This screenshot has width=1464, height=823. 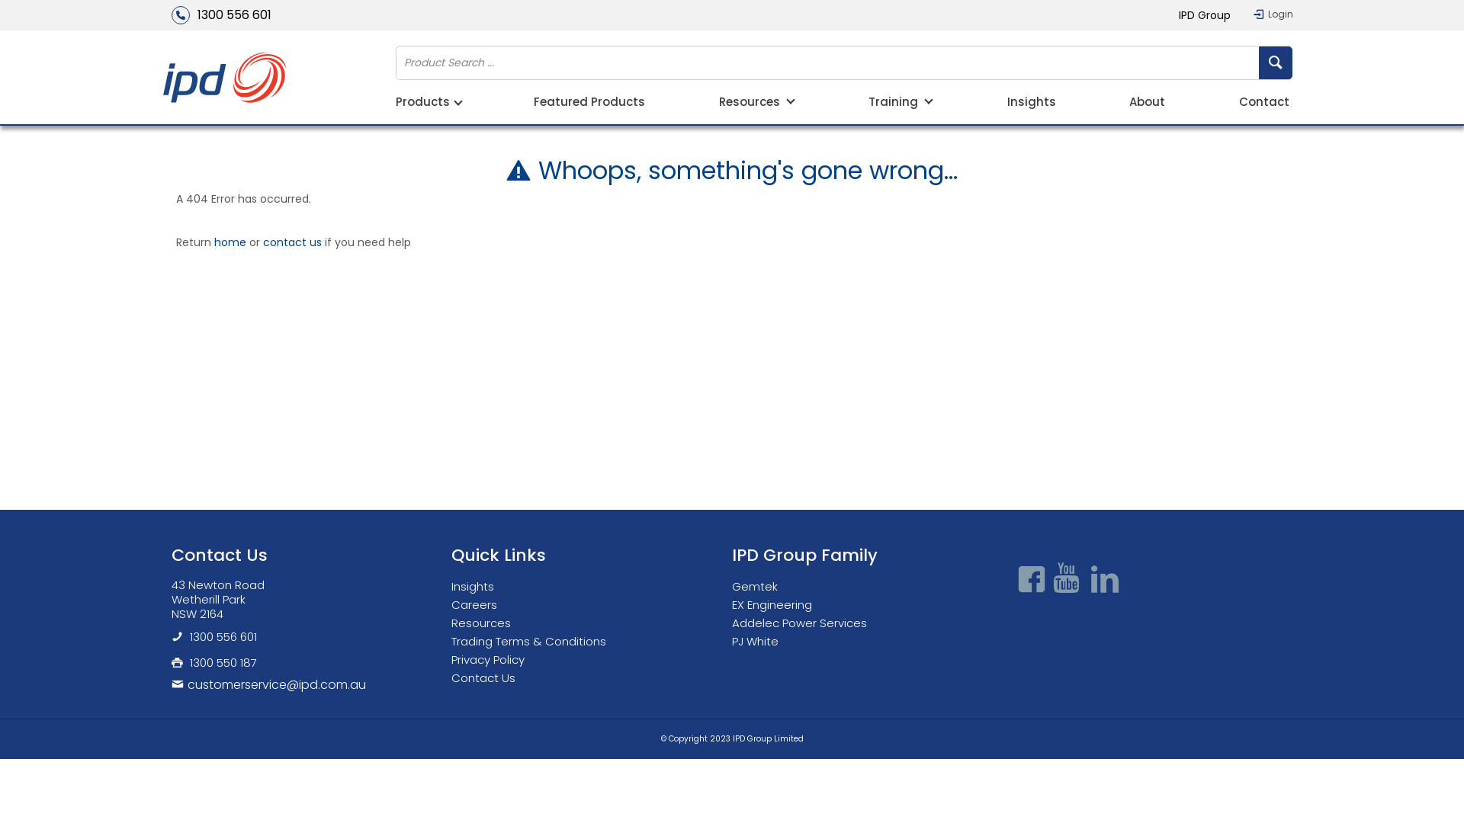 What do you see at coordinates (759, 641) in the screenshot?
I see `'PJ White'` at bounding box center [759, 641].